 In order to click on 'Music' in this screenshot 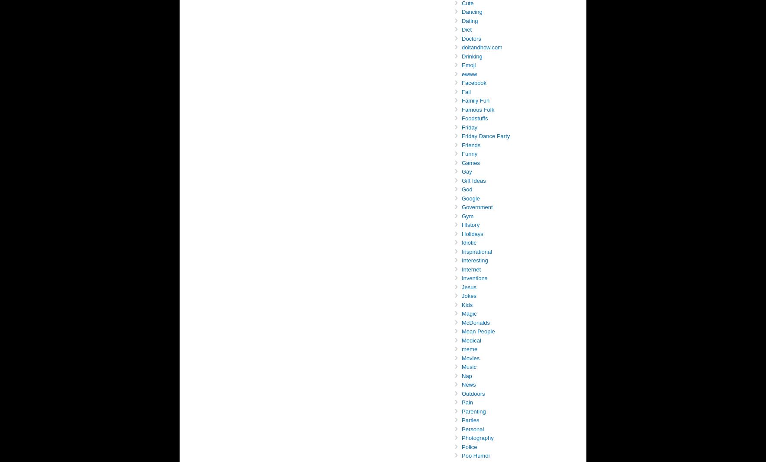, I will do `click(469, 366)`.